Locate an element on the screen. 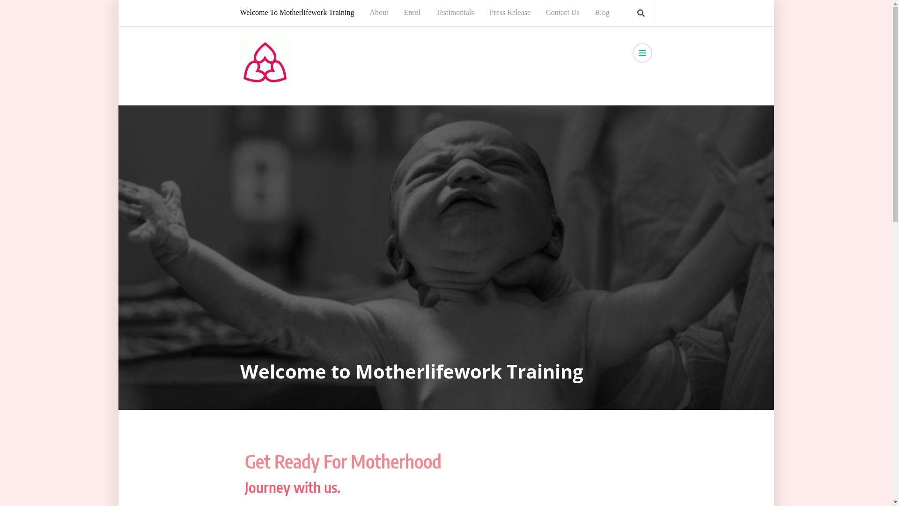 The height and width of the screenshot is (506, 899). 'Press Release' is located at coordinates (509, 13).